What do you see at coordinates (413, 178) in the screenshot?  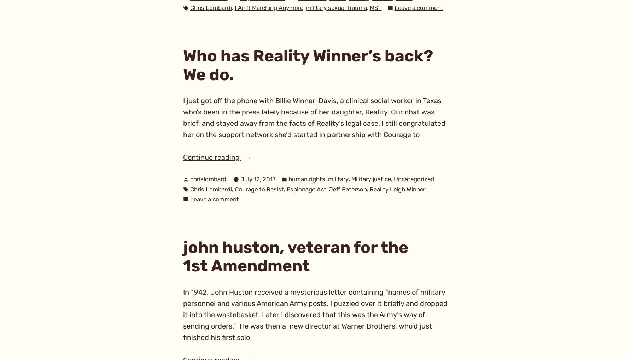 I see `'Uncategorized'` at bounding box center [413, 178].